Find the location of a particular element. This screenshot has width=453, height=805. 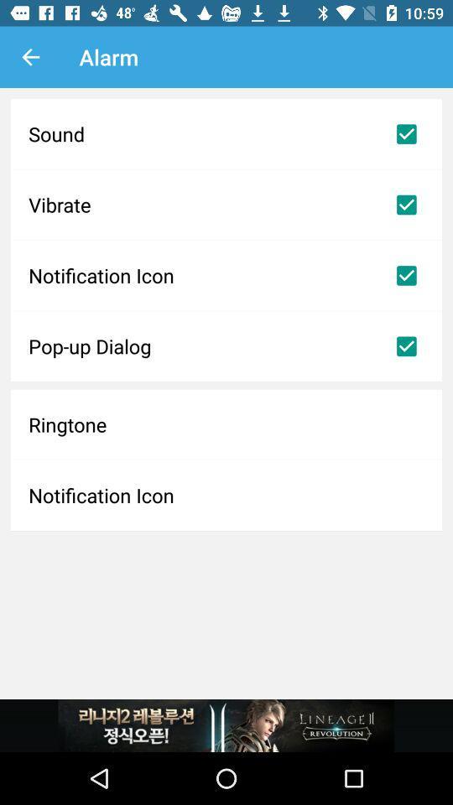

the icon to the left of alarm icon is located at coordinates (30, 57).